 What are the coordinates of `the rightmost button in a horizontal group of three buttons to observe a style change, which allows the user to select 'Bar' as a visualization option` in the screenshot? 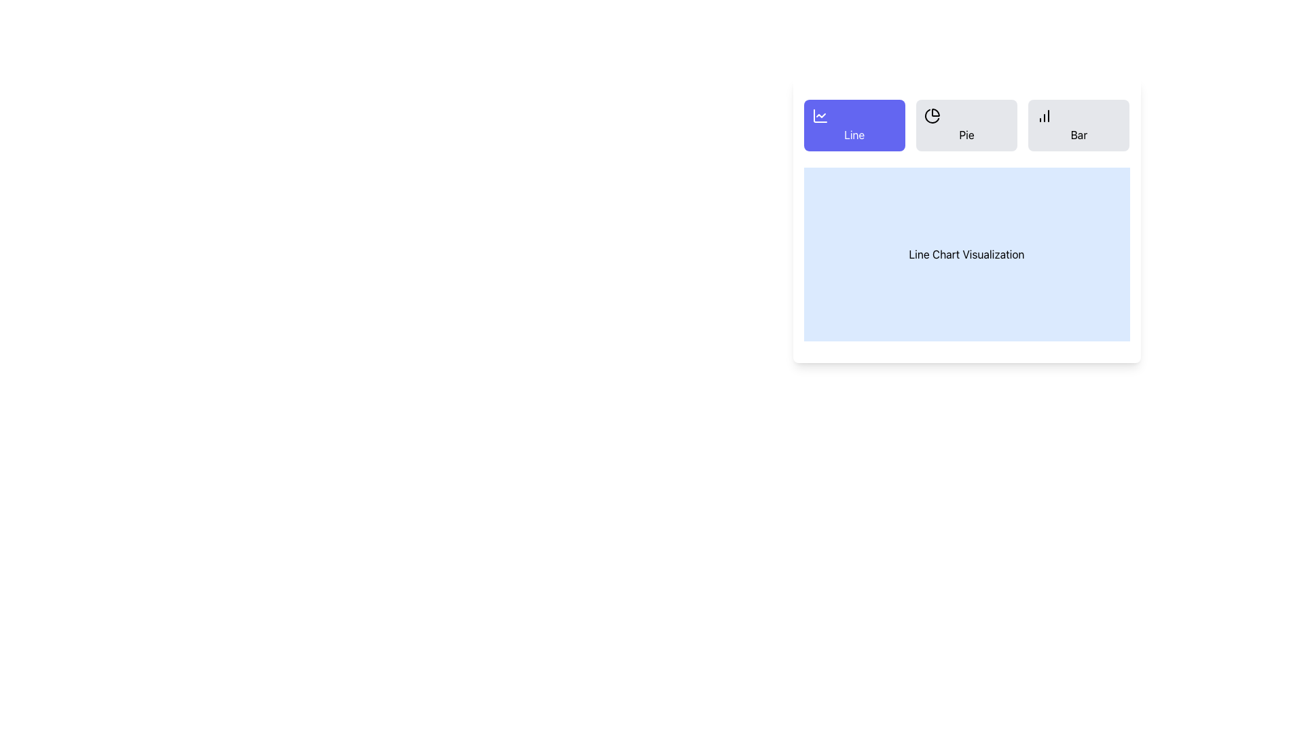 It's located at (1078, 126).